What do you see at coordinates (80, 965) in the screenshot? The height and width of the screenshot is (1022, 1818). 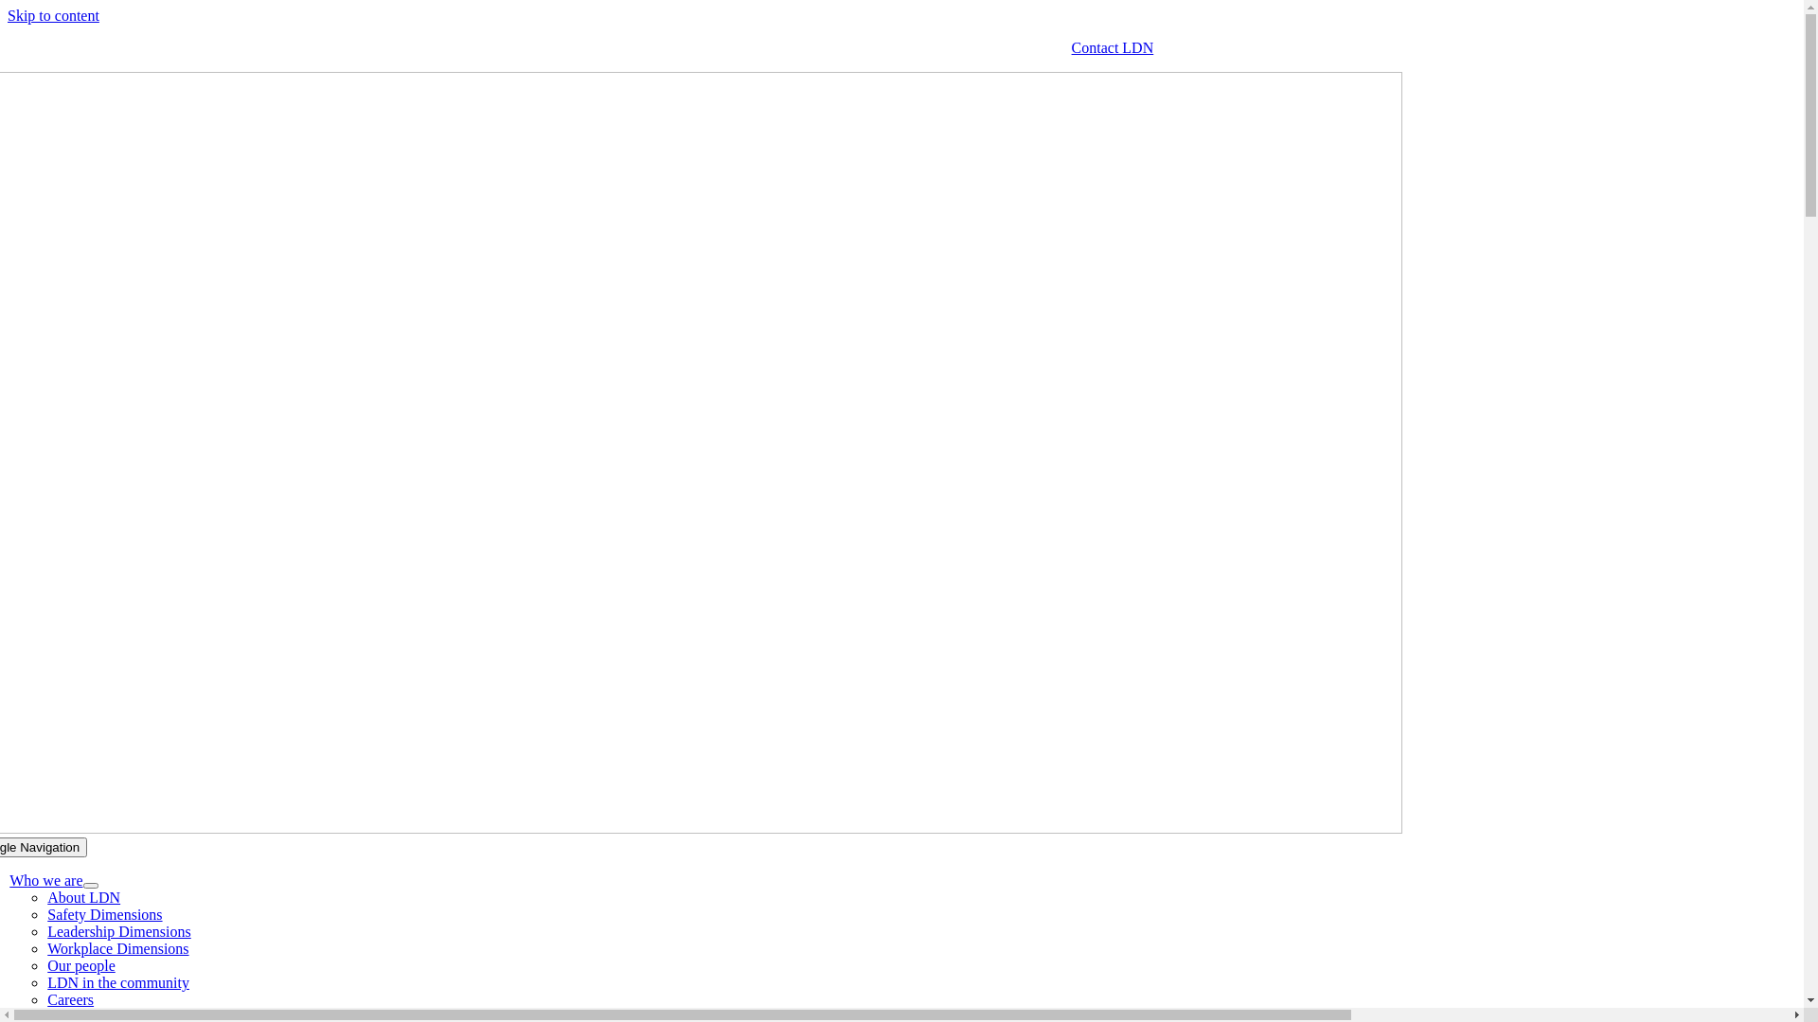 I see `'Our people'` at bounding box center [80, 965].